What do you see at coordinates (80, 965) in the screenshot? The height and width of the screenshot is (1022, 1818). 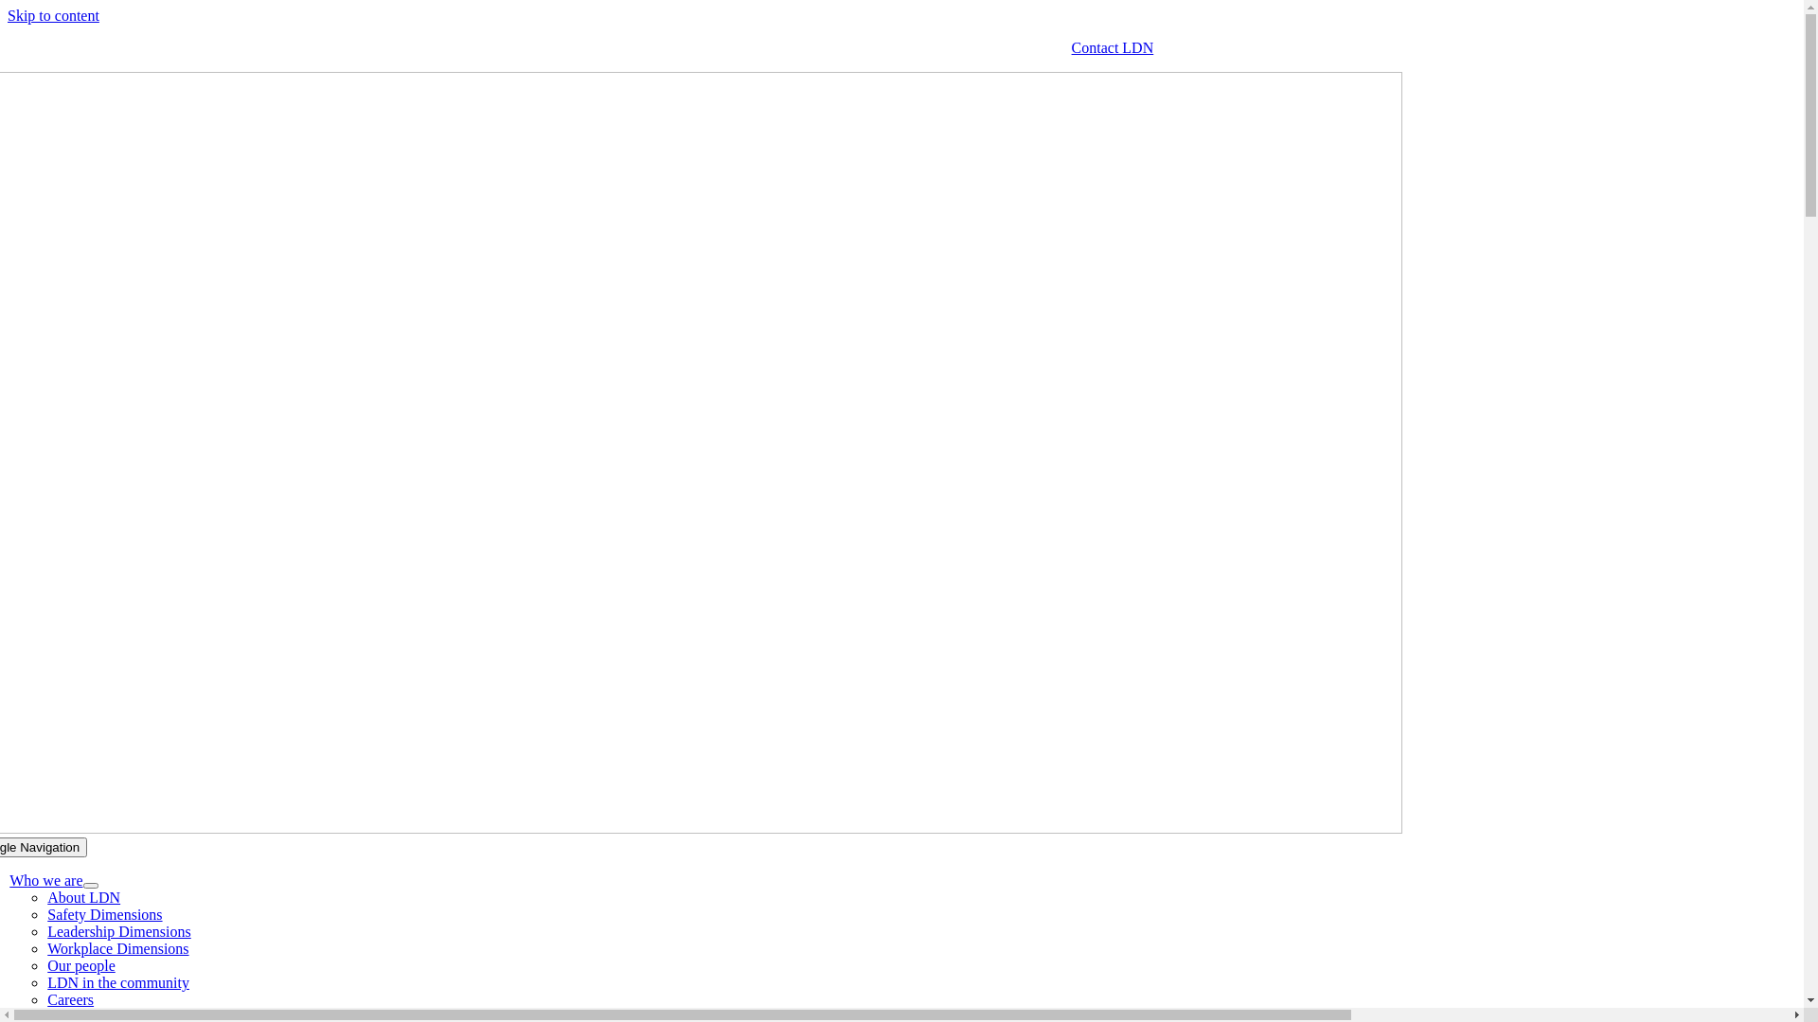 I see `'Our people'` at bounding box center [80, 965].